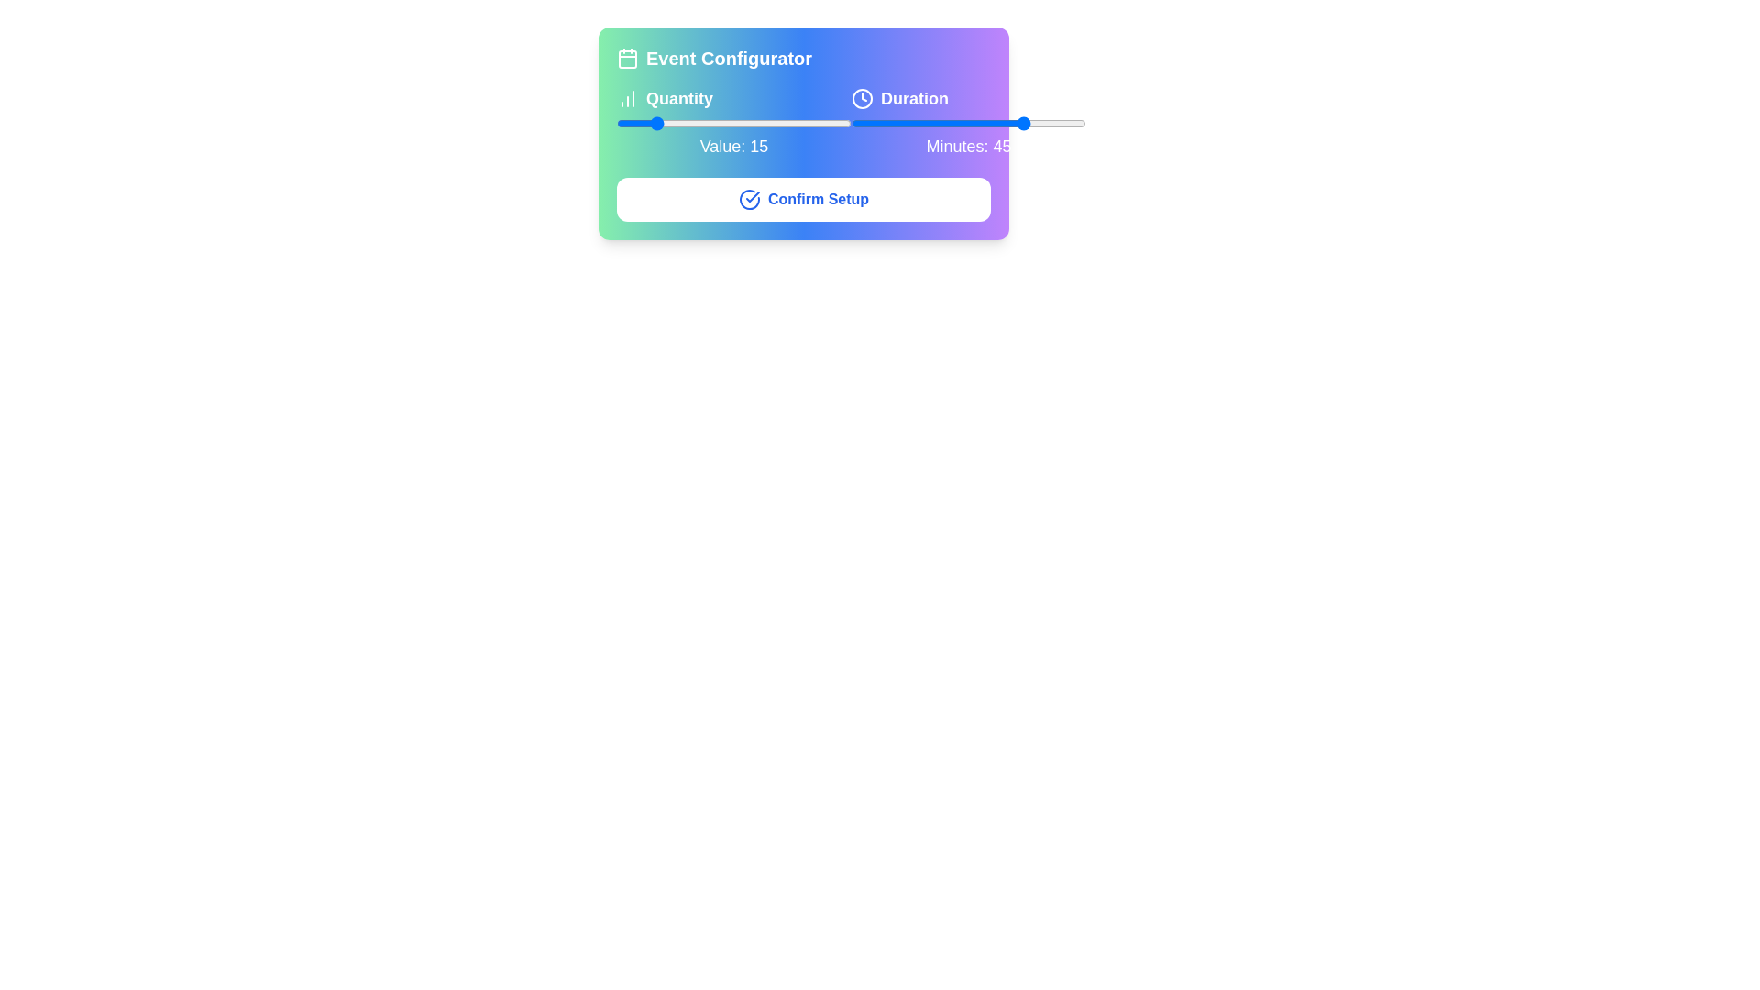  What do you see at coordinates (886, 124) in the screenshot?
I see `duration` at bounding box center [886, 124].